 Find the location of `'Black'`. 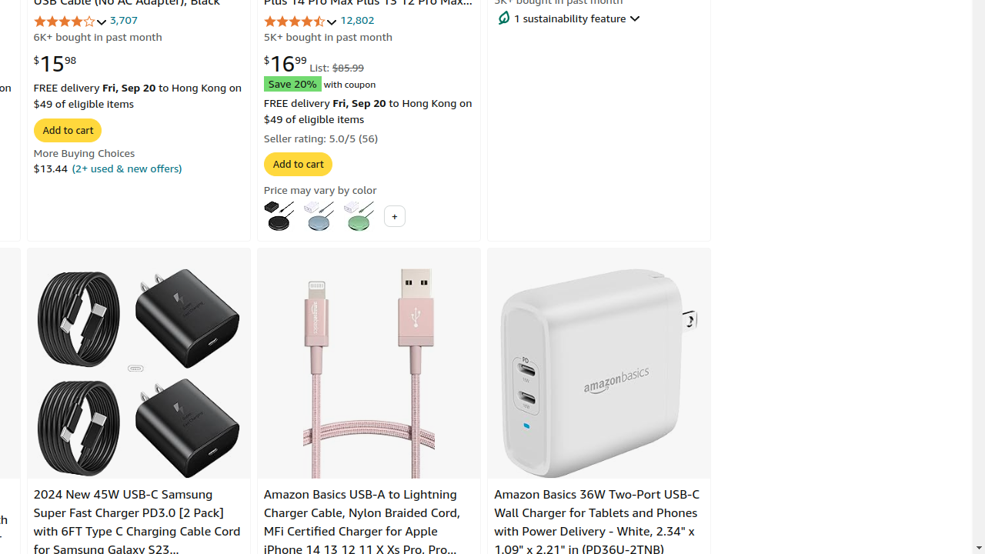

'Black' is located at coordinates (279, 215).